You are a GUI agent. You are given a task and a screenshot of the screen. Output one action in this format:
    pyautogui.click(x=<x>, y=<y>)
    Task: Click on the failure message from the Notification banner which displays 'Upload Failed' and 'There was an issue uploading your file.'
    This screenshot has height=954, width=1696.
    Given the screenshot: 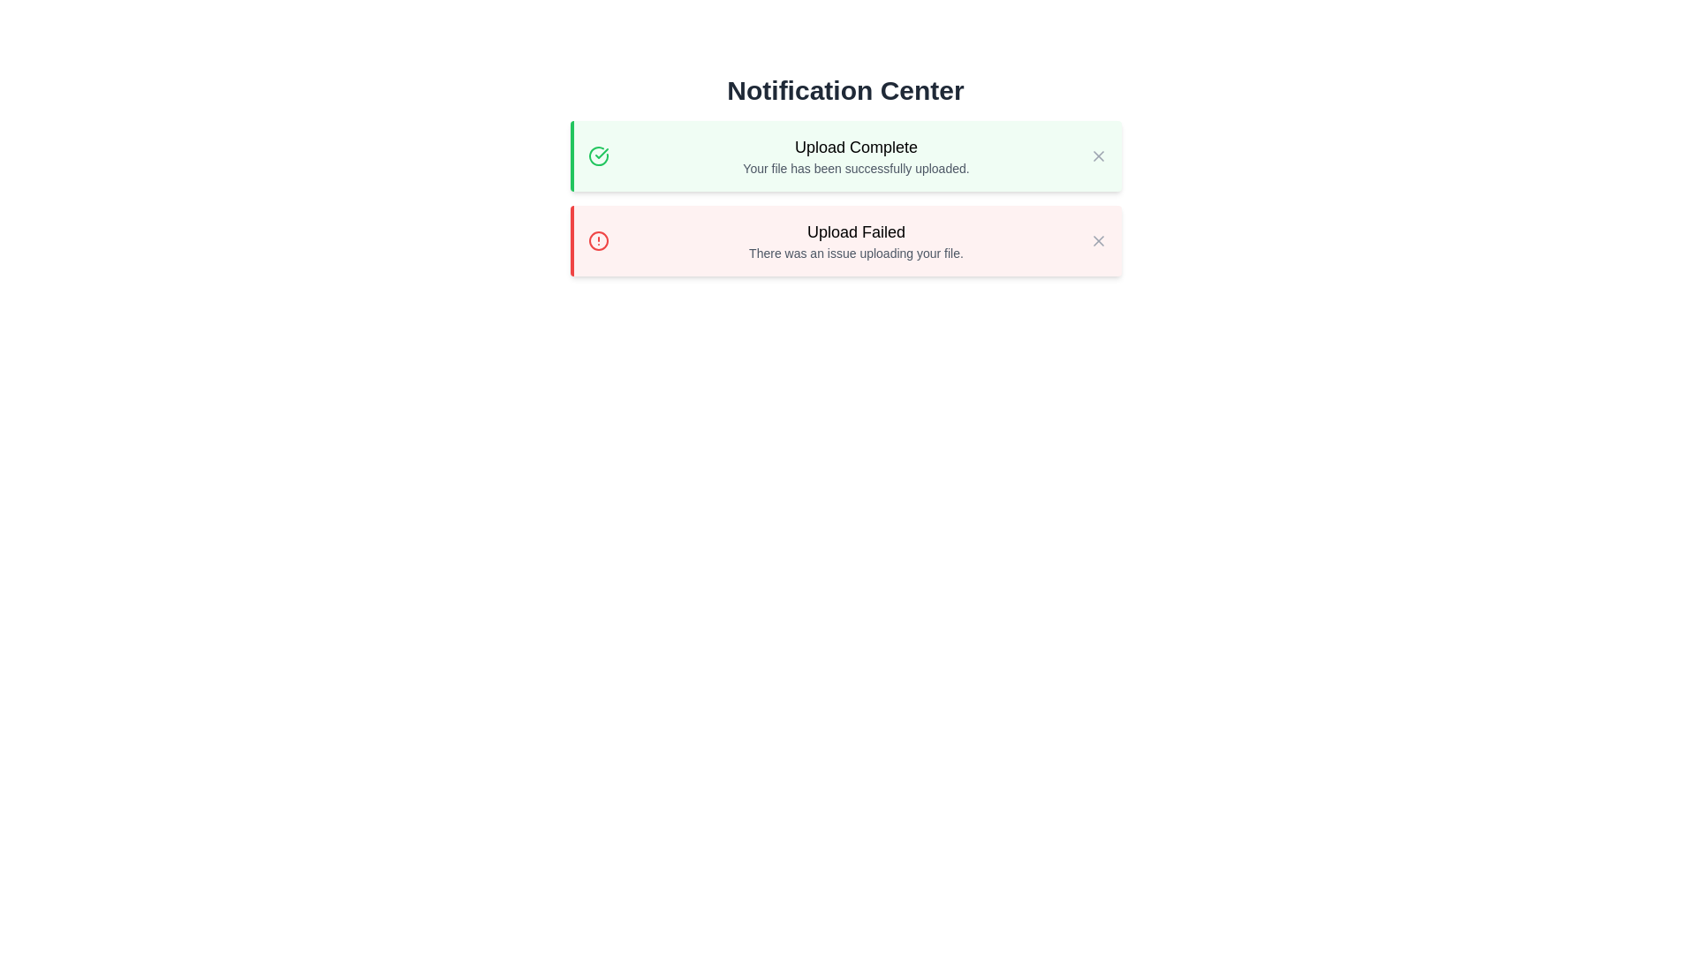 What is the action you would take?
    pyautogui.click(x=844, y=241)
    